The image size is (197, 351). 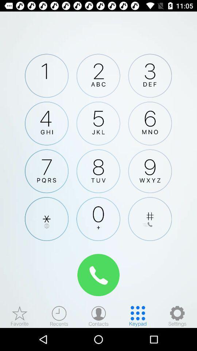 I want to click on prints number 3, so click(x=150, y=76).